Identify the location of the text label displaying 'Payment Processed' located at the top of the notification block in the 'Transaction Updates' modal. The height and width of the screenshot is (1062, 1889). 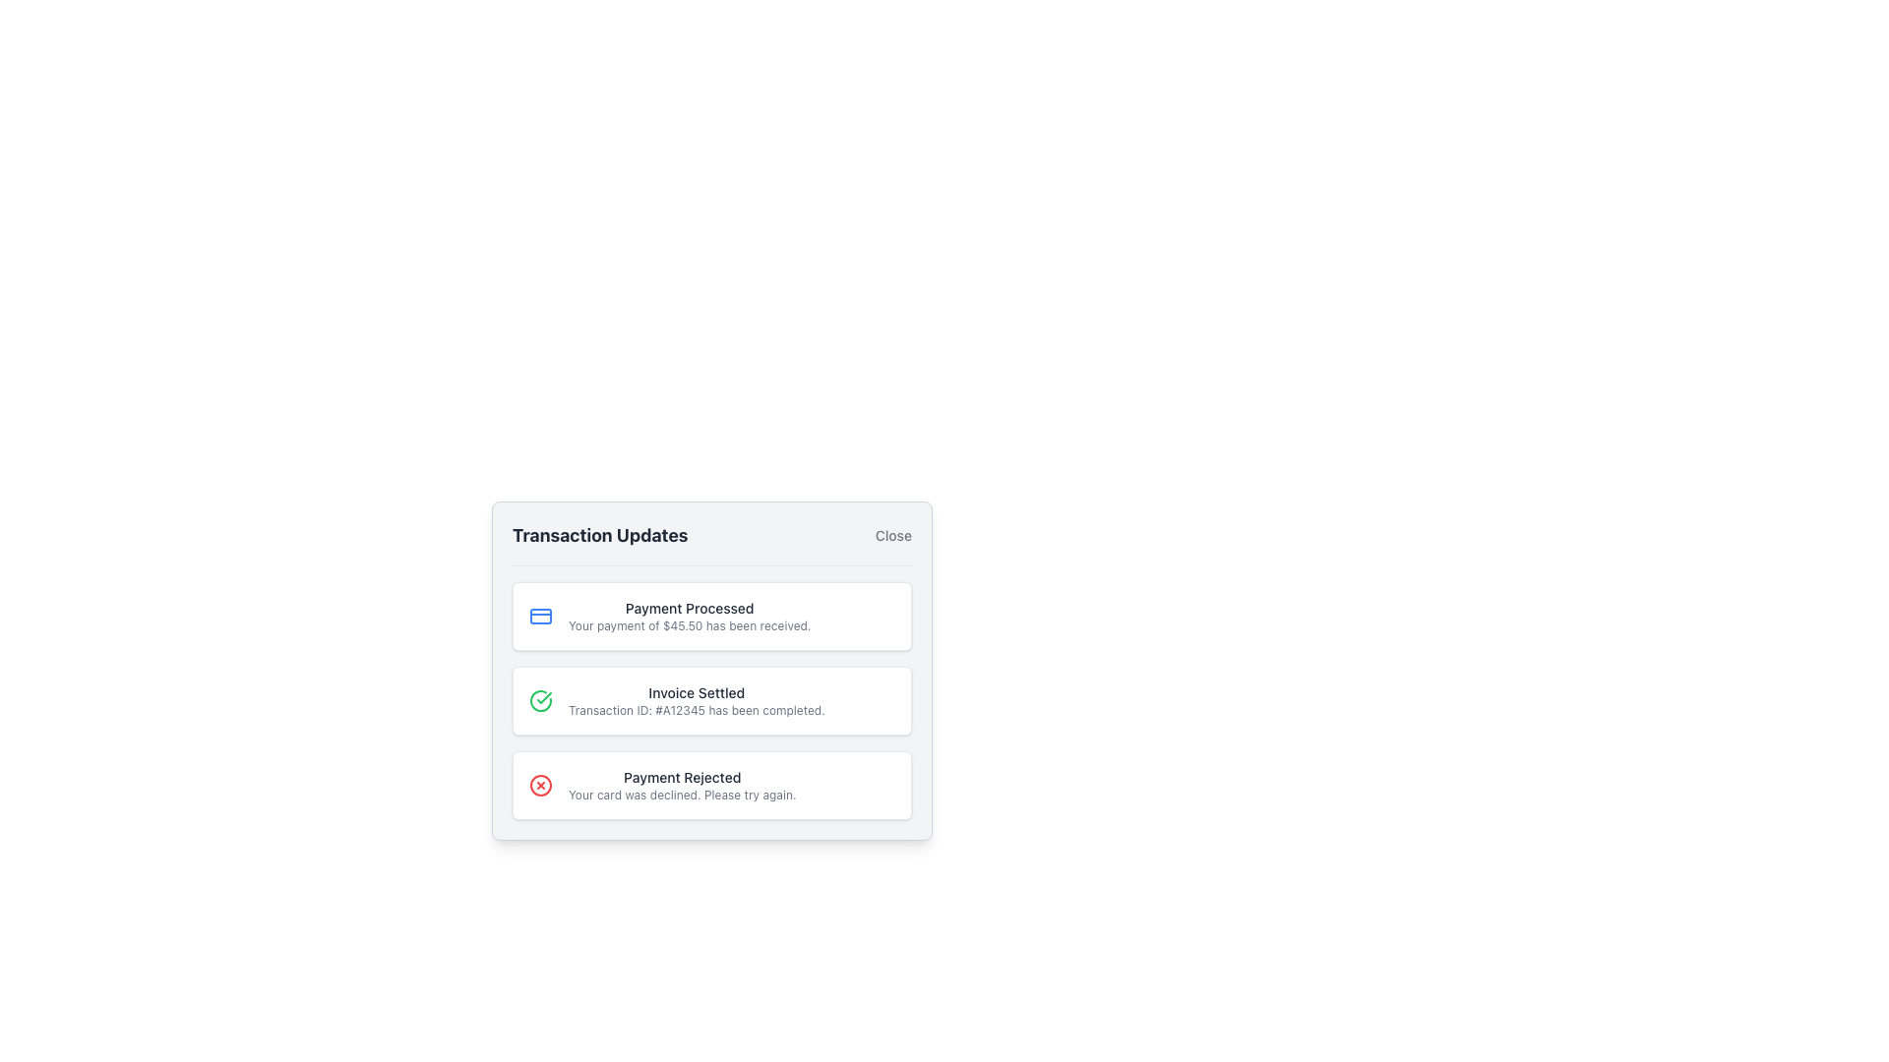
(690, 607).